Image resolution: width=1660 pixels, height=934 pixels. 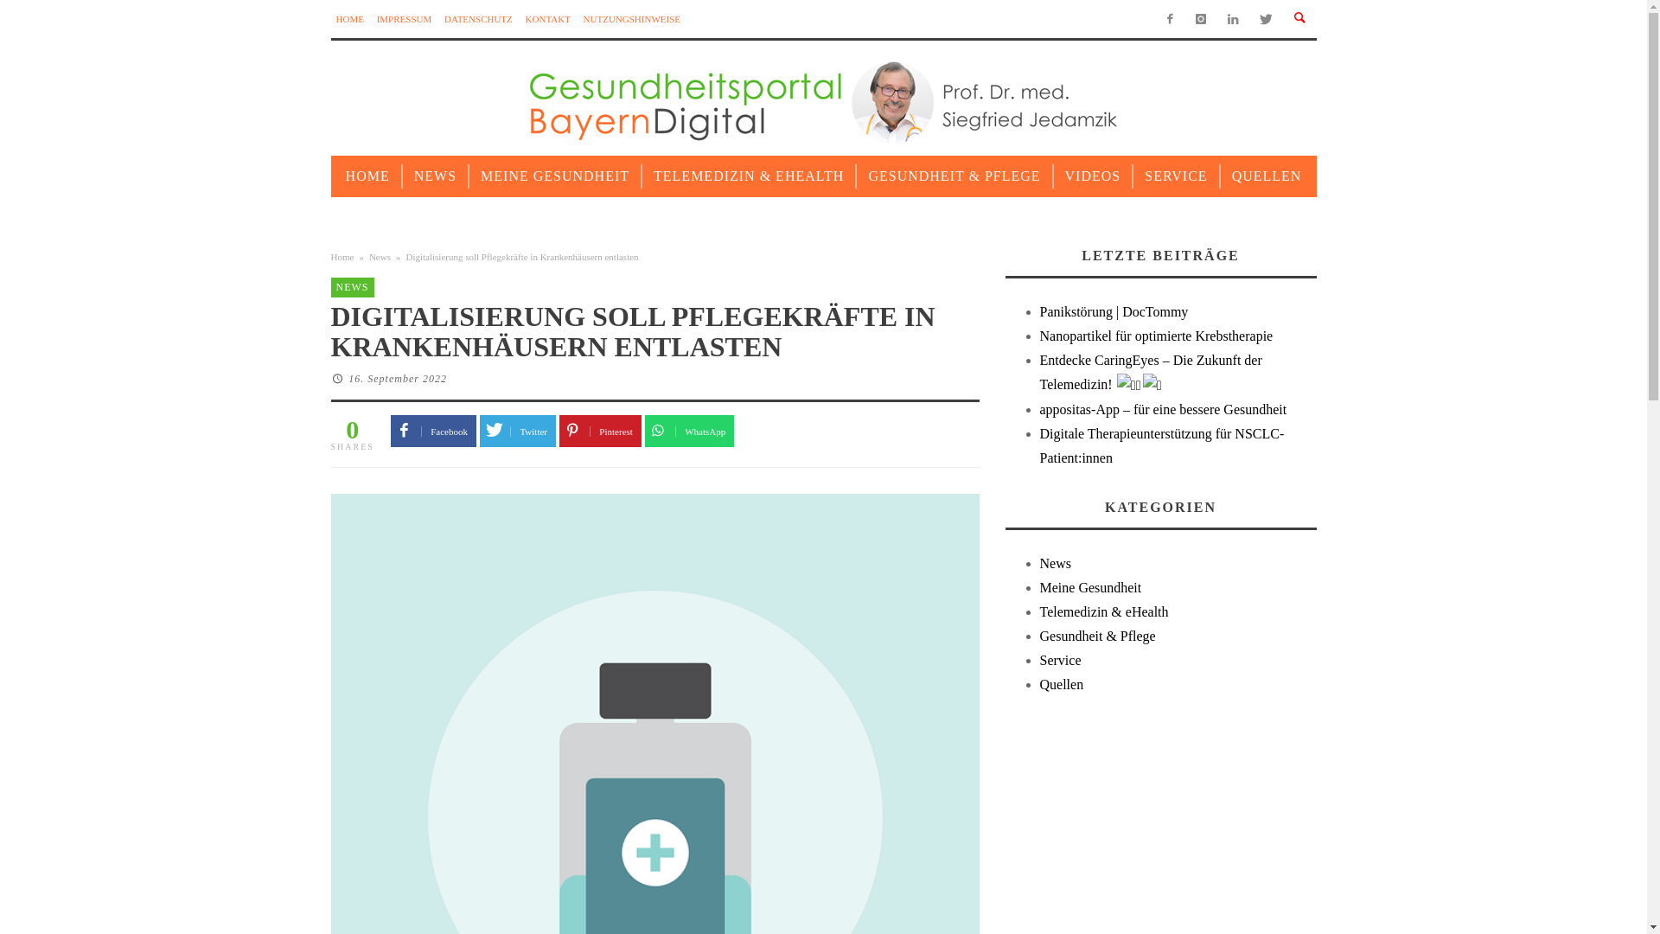 I want to click on 'NEWS', so click(x=332, y=285).